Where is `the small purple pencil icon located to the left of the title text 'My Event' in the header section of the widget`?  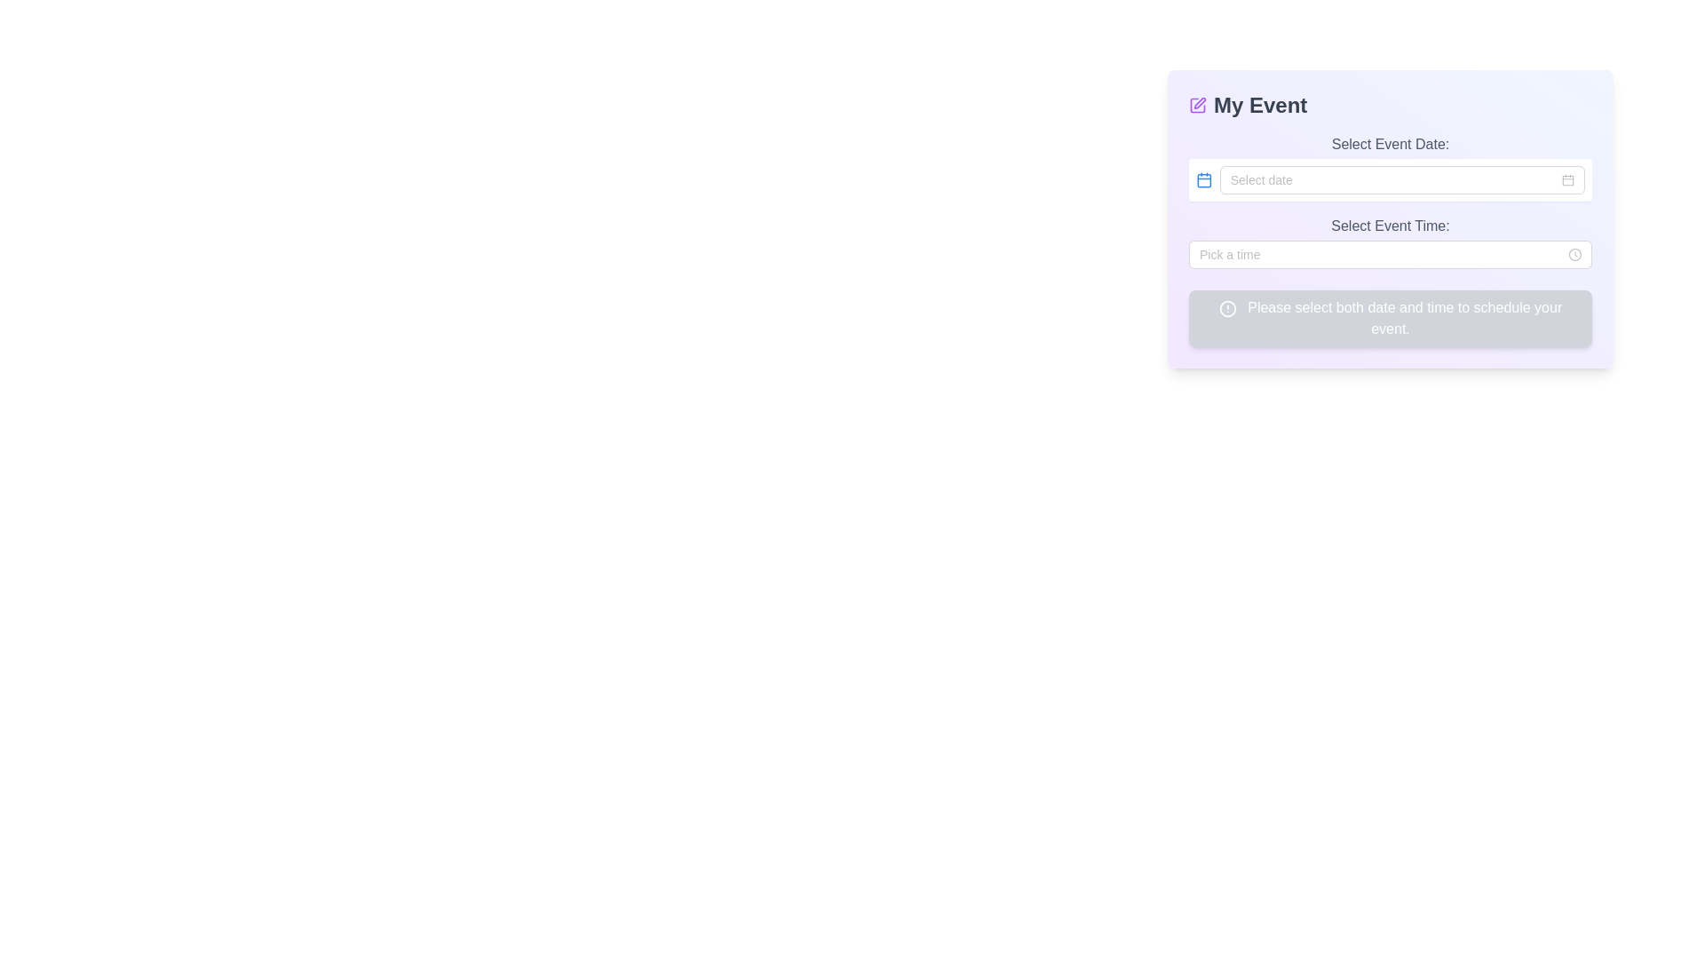
the small purple pencil icon located to the left of the title text 'My Event' in the header section of the widget is located at coordinates (1197, 106).